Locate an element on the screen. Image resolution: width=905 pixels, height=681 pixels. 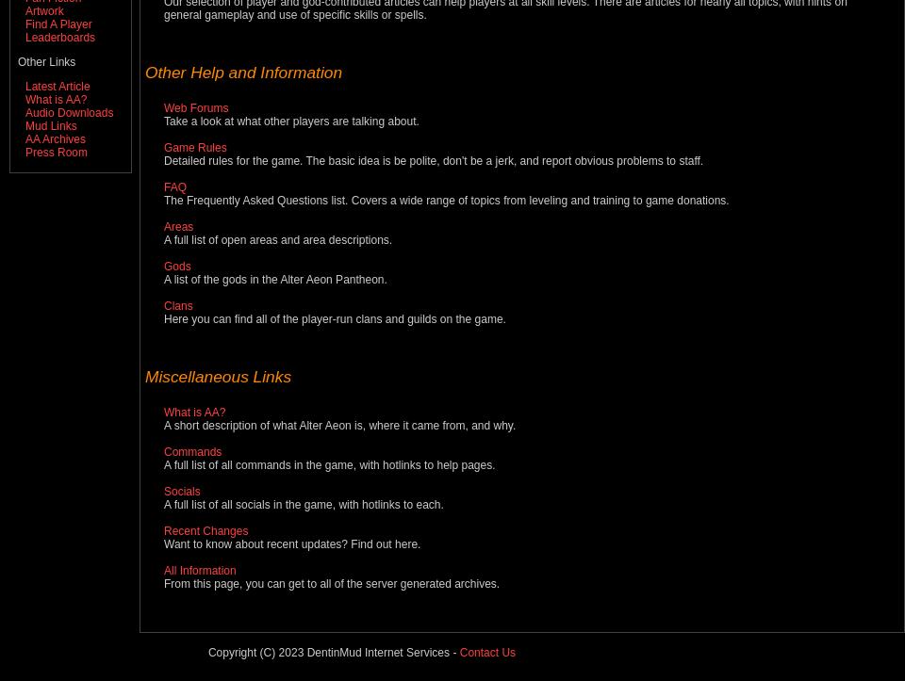
'Leaderboards' is located at coordinates (60, 37).